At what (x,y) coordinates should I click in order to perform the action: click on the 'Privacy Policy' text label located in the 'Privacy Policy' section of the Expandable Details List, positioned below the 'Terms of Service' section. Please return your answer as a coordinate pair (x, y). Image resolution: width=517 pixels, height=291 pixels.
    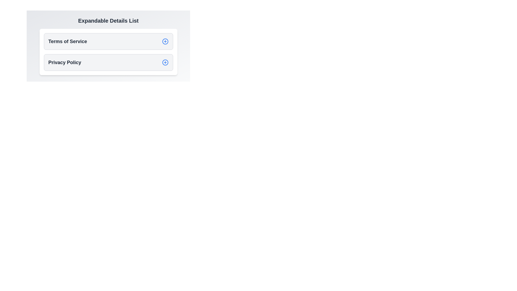
    Looking at the image, I should click on (65, 62).